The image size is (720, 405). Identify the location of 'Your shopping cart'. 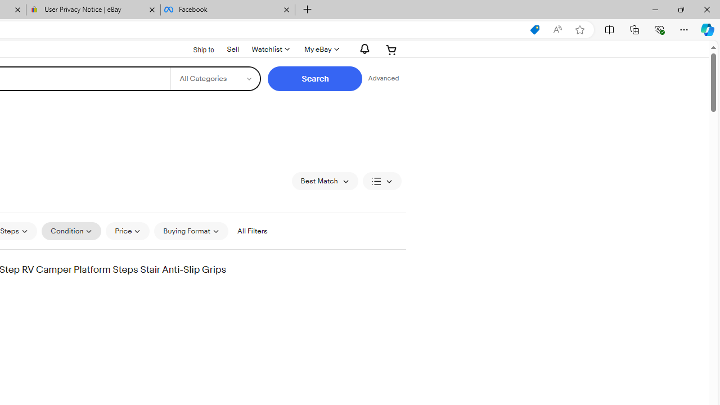
(391, 49).